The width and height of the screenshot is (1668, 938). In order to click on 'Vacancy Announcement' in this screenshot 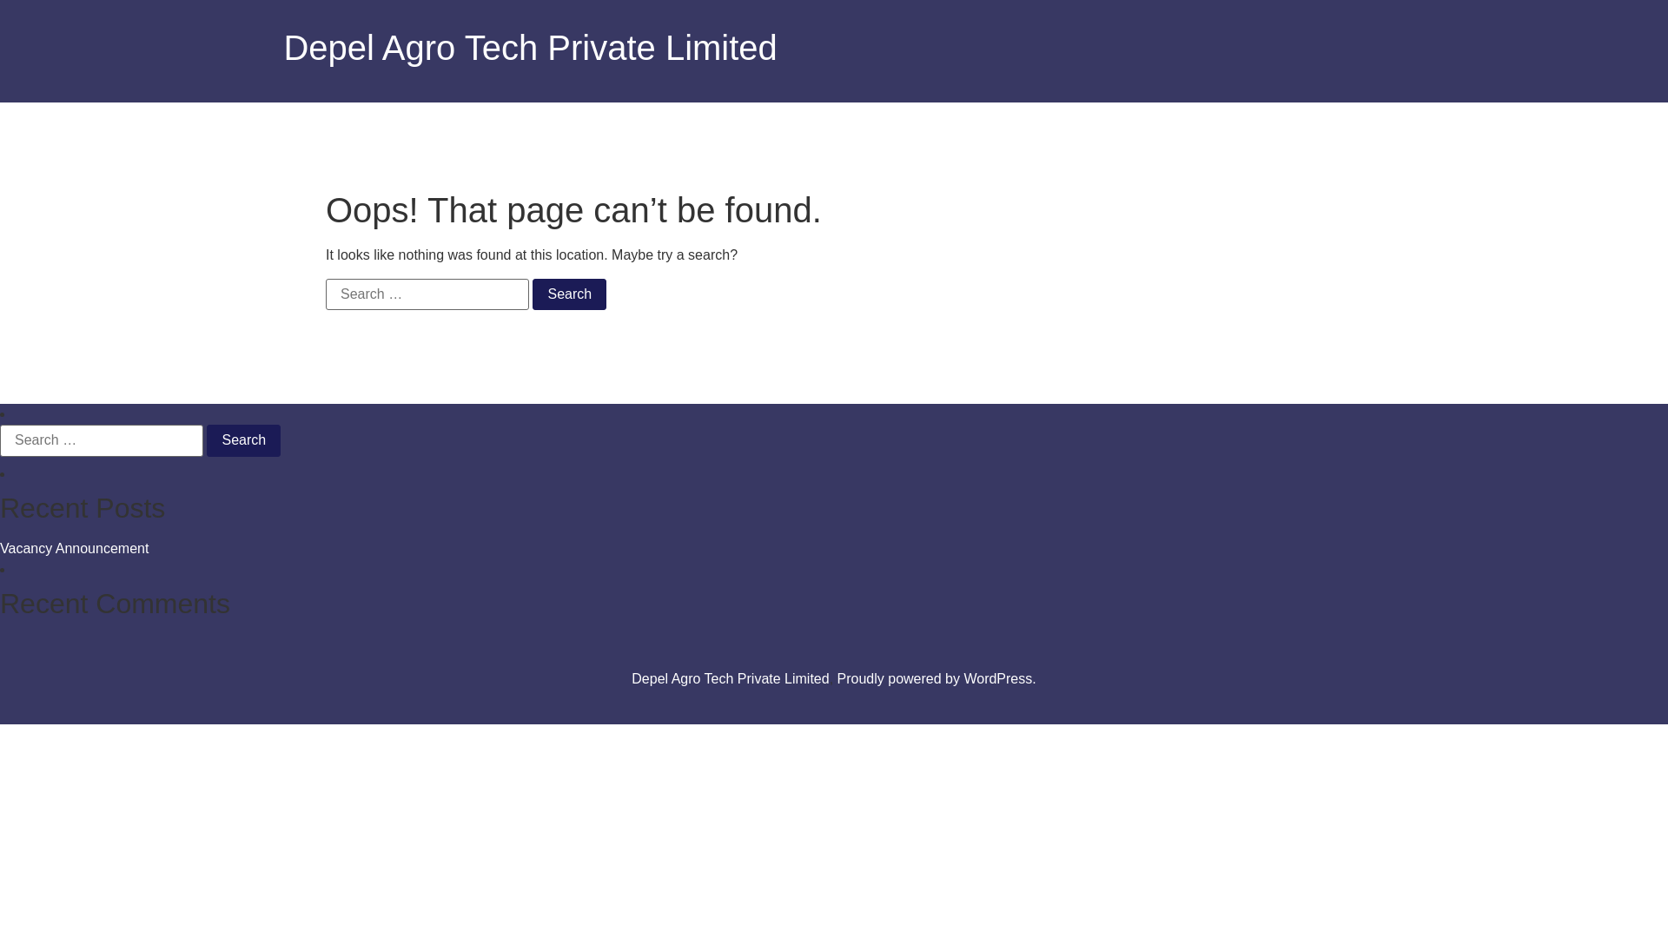, I will do `click(0, 548)`.